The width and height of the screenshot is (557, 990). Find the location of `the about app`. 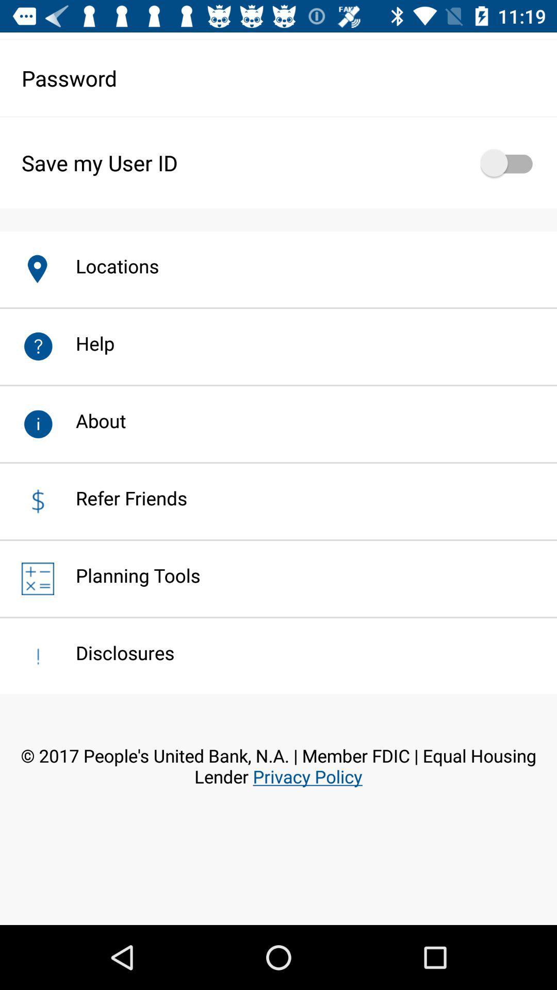

the about app is located at coordinates (89, 421).